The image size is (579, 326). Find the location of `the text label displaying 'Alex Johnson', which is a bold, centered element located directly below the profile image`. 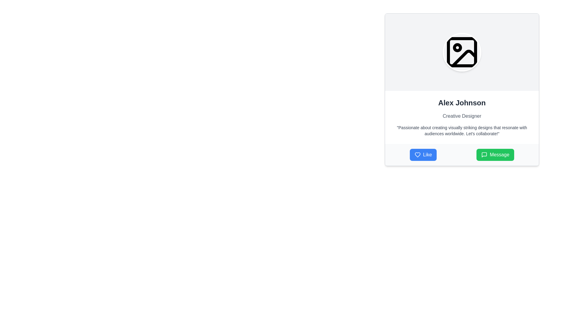

the text label displaying 'Alex Johnson', which is a bold, centered element located directly below the profile image is located at coordinates (461, 102).